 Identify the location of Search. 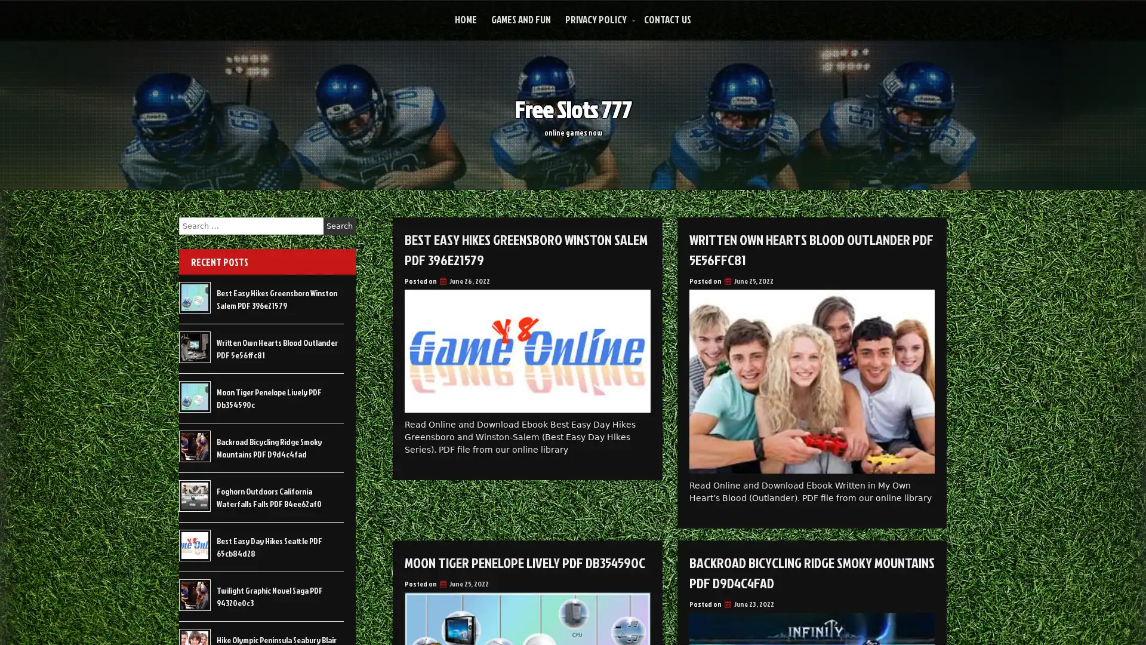
(339, 226).